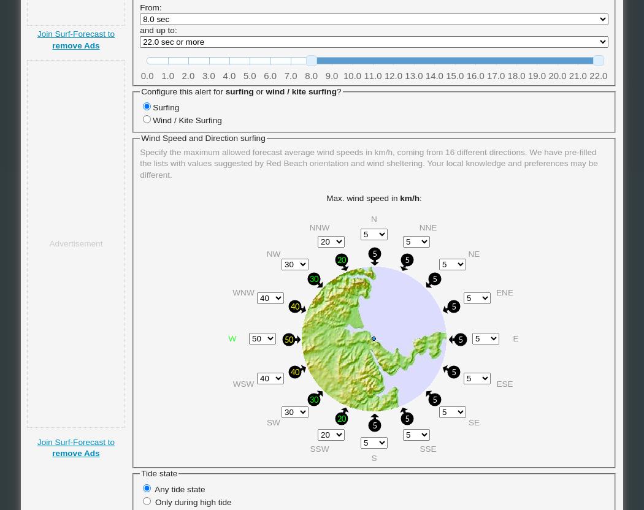  I want to click on 'From:', so click(150, 7).